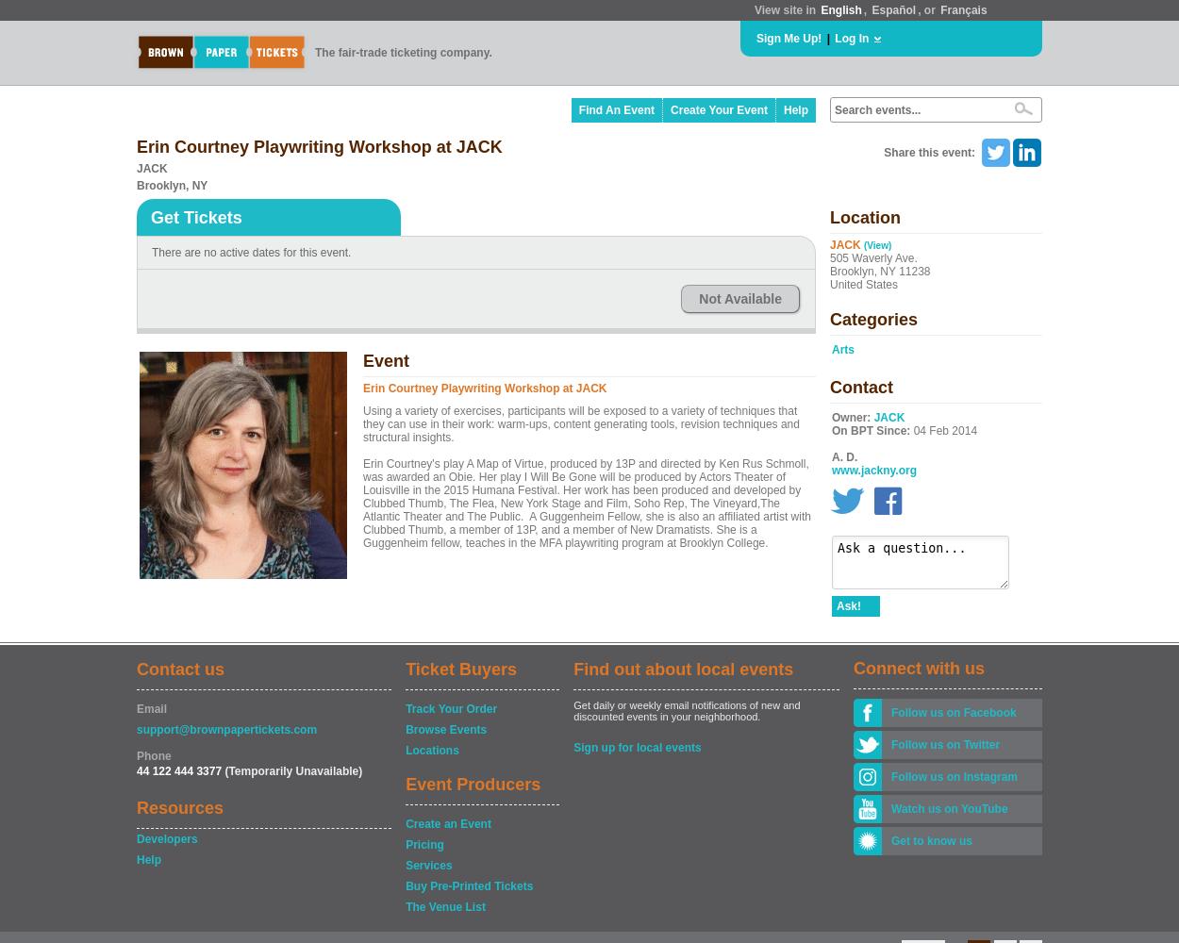  Describe the element at coordinates (291, 770) in the screenshot. I see `'(Temporarily Unavailable)'` at that location.